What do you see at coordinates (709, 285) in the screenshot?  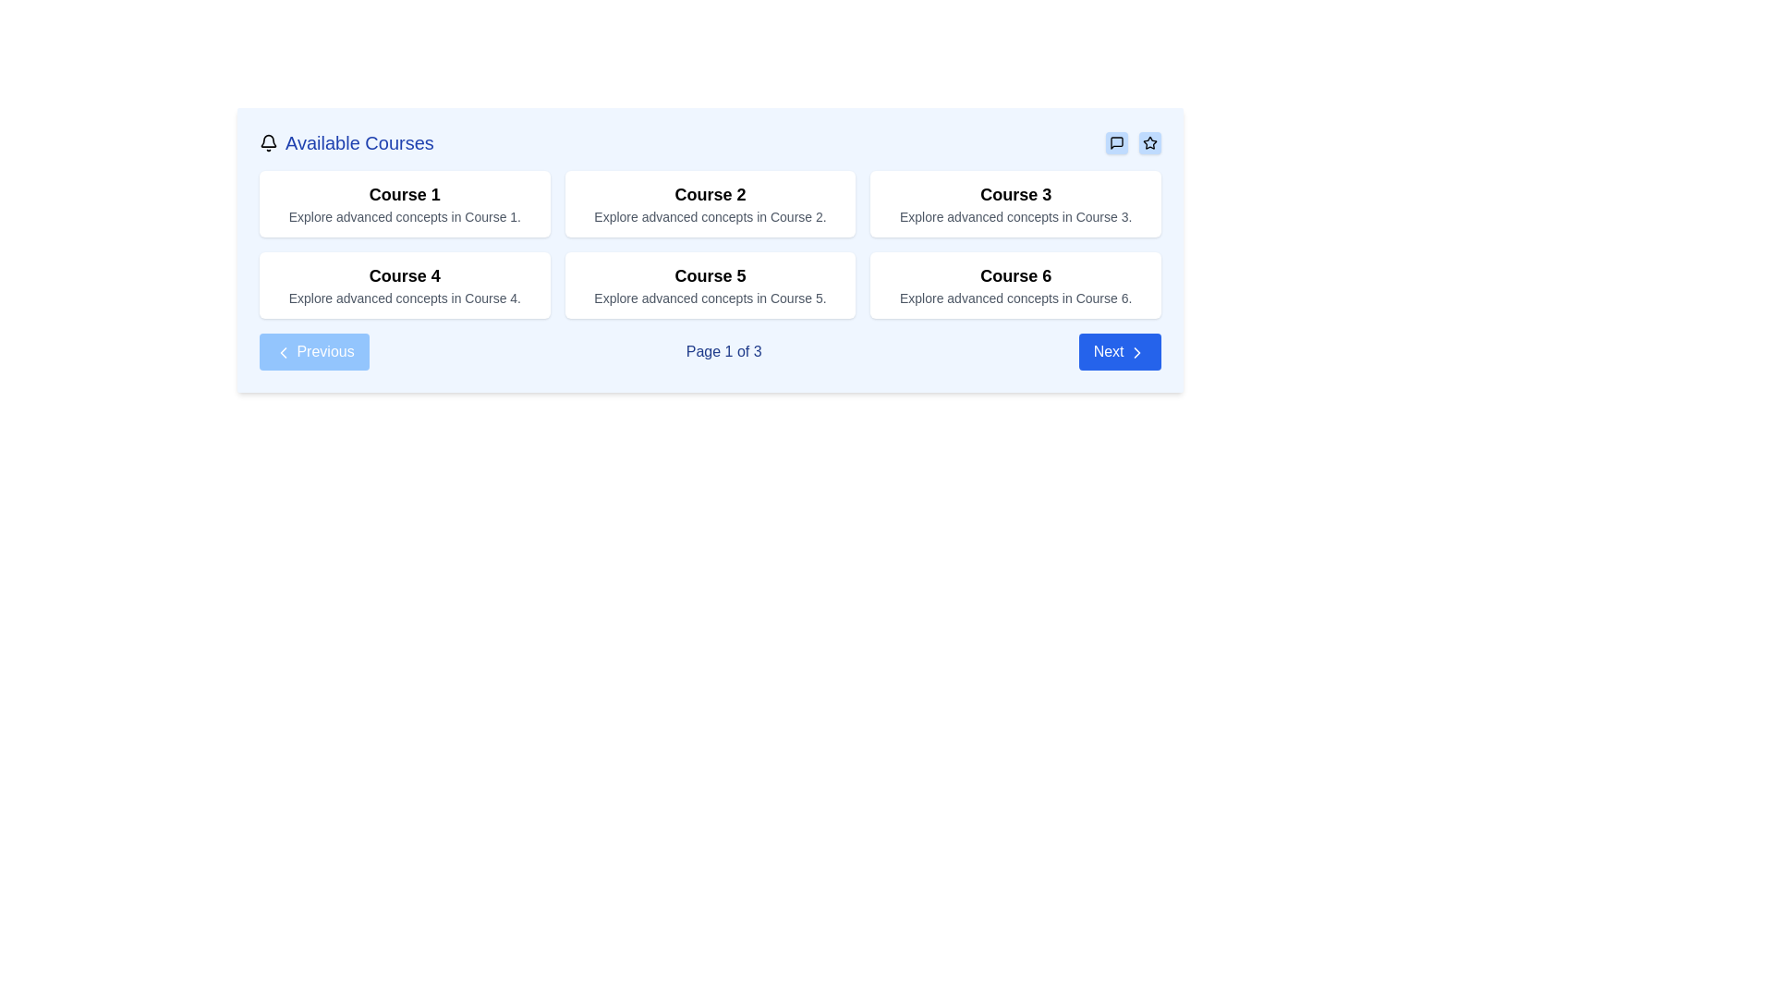 I see `the Card element displaying 'Course 5' with a white background and two lines of text, positioned in the second row, center column of a grid layout` at bounding box center [709, 285].